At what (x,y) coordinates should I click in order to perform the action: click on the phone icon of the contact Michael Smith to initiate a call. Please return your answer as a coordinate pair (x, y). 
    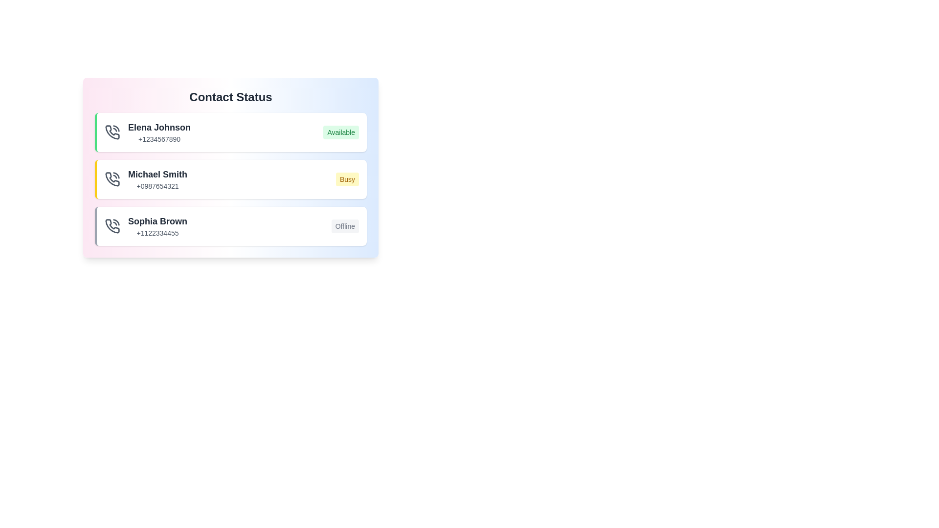
    Looking at the image, I should click on (112, 179).